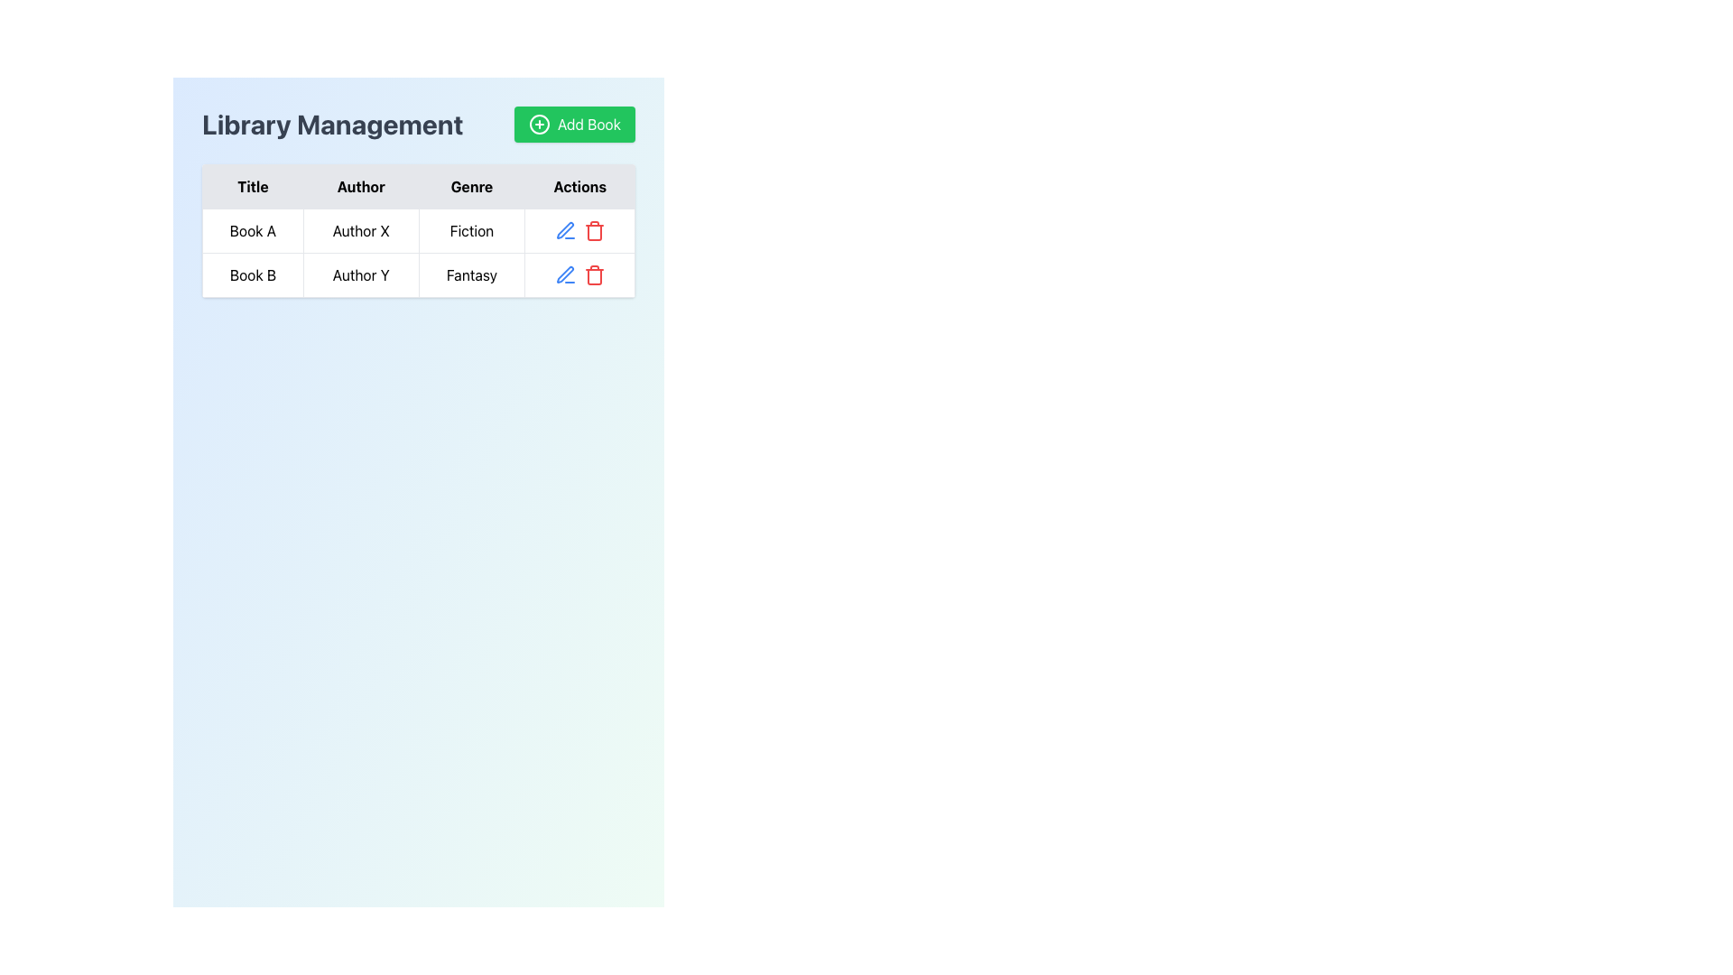 This screenshot has height=975, width=1733. I want to click on the circular icon with a plus sign located on the green 'Add Book' button near the top right corner of the interface, so click(538, 124).